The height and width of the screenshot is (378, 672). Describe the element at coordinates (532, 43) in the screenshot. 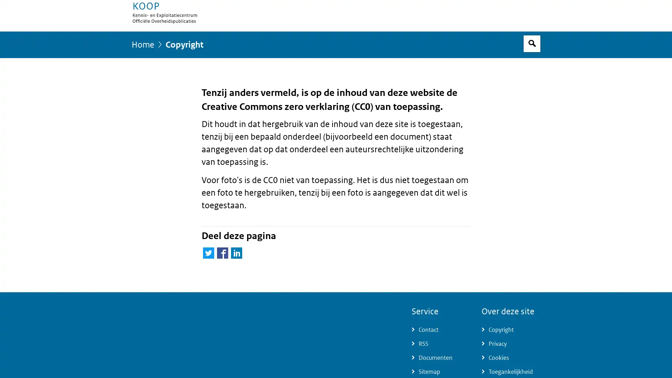

I see `Open zoekveld` at that location.